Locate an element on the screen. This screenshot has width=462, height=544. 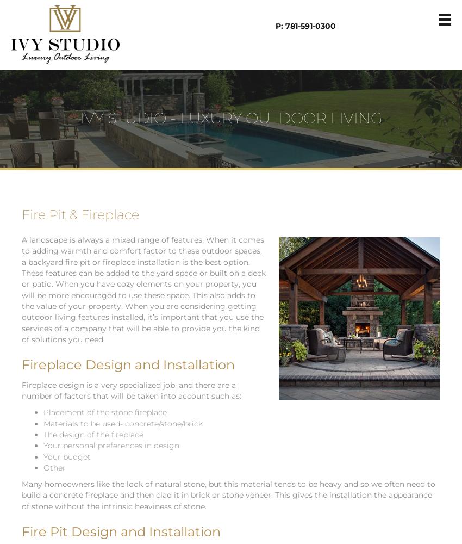
'781-591-0300' is located at coordinates (310, 26).